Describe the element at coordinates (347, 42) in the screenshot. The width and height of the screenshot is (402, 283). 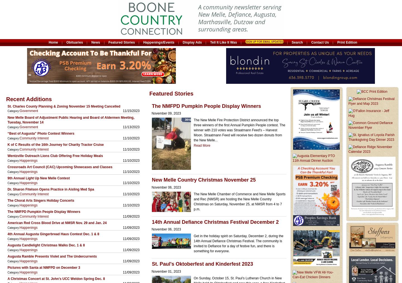
I see `'Print Edition'` at that location.